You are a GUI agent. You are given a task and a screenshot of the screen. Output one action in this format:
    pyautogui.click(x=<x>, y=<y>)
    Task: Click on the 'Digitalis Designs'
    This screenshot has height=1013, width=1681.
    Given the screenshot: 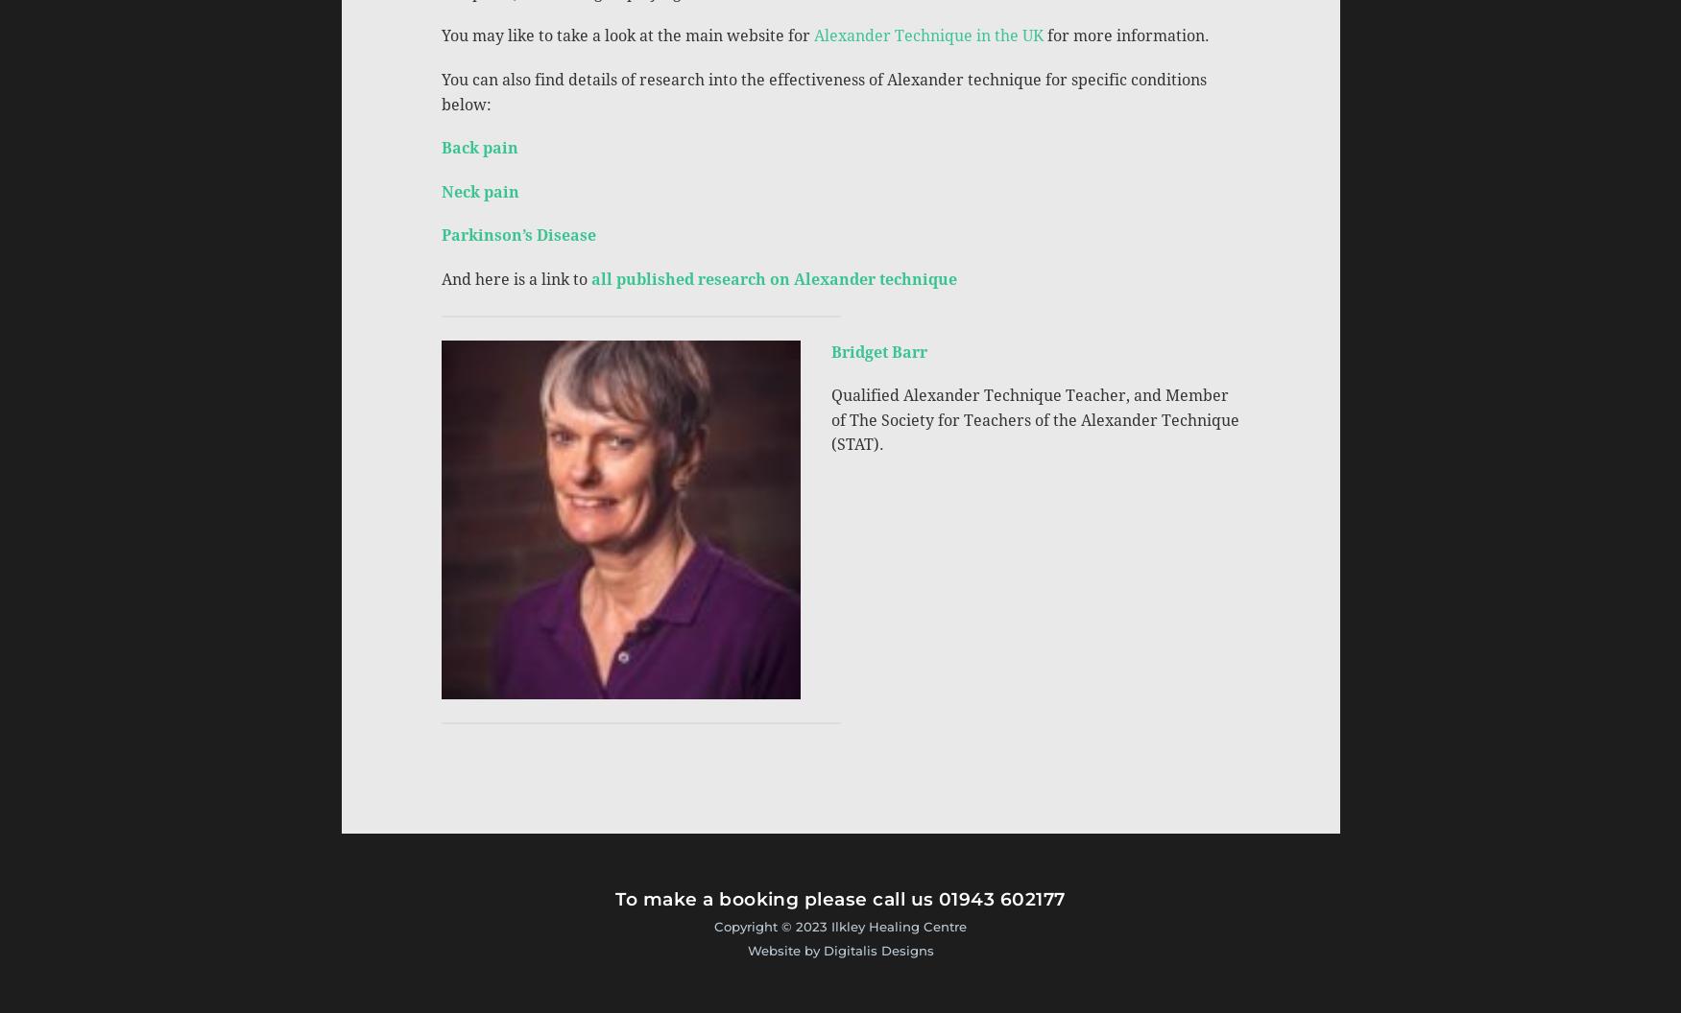 What is the action you would take?
    pyautogui.click(x=877, y=950)
    